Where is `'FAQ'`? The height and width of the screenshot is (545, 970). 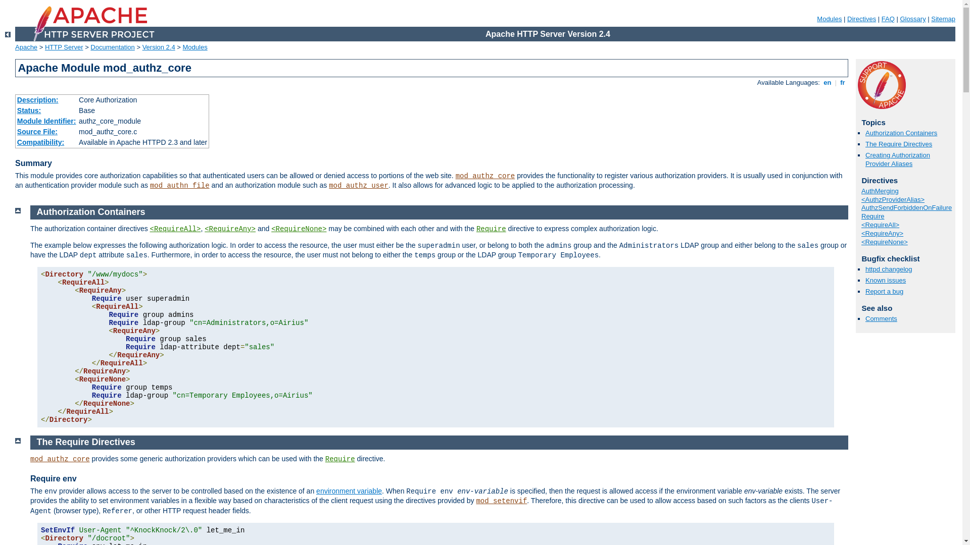
'FAQ' is located at coordinates (887, 19).